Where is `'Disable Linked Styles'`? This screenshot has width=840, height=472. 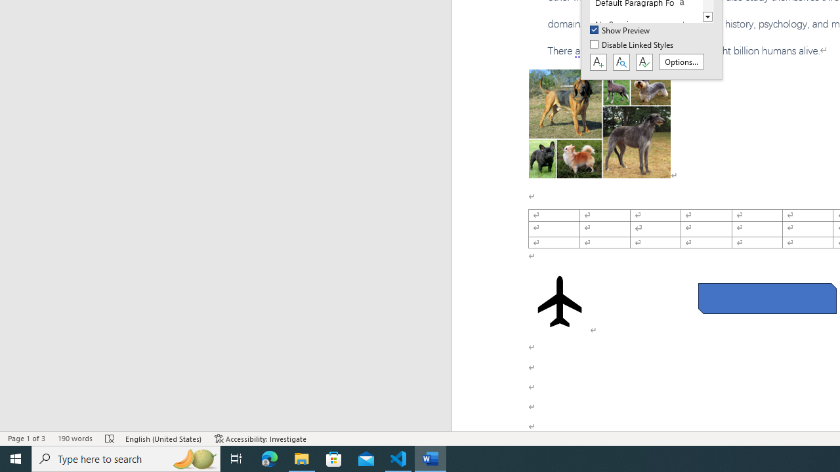
'Disable Linked Styles' is located at coordinates (633, 45).